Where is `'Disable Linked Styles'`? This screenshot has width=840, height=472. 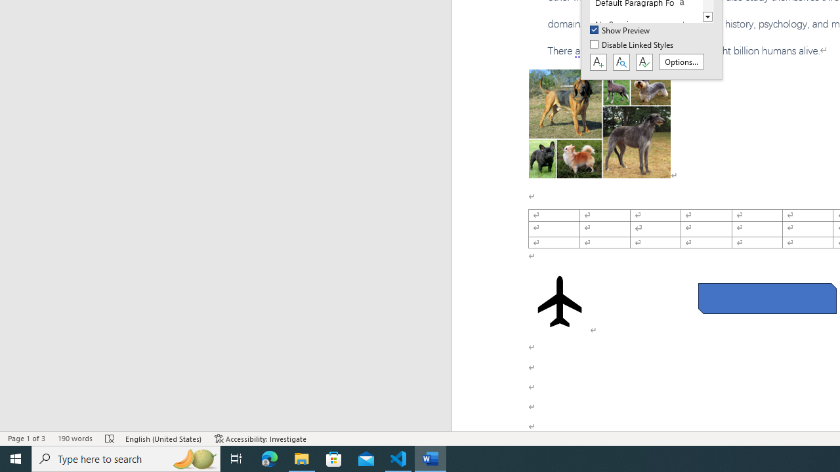
'Disable Linked Styles' is located at coordinates (633, 45).